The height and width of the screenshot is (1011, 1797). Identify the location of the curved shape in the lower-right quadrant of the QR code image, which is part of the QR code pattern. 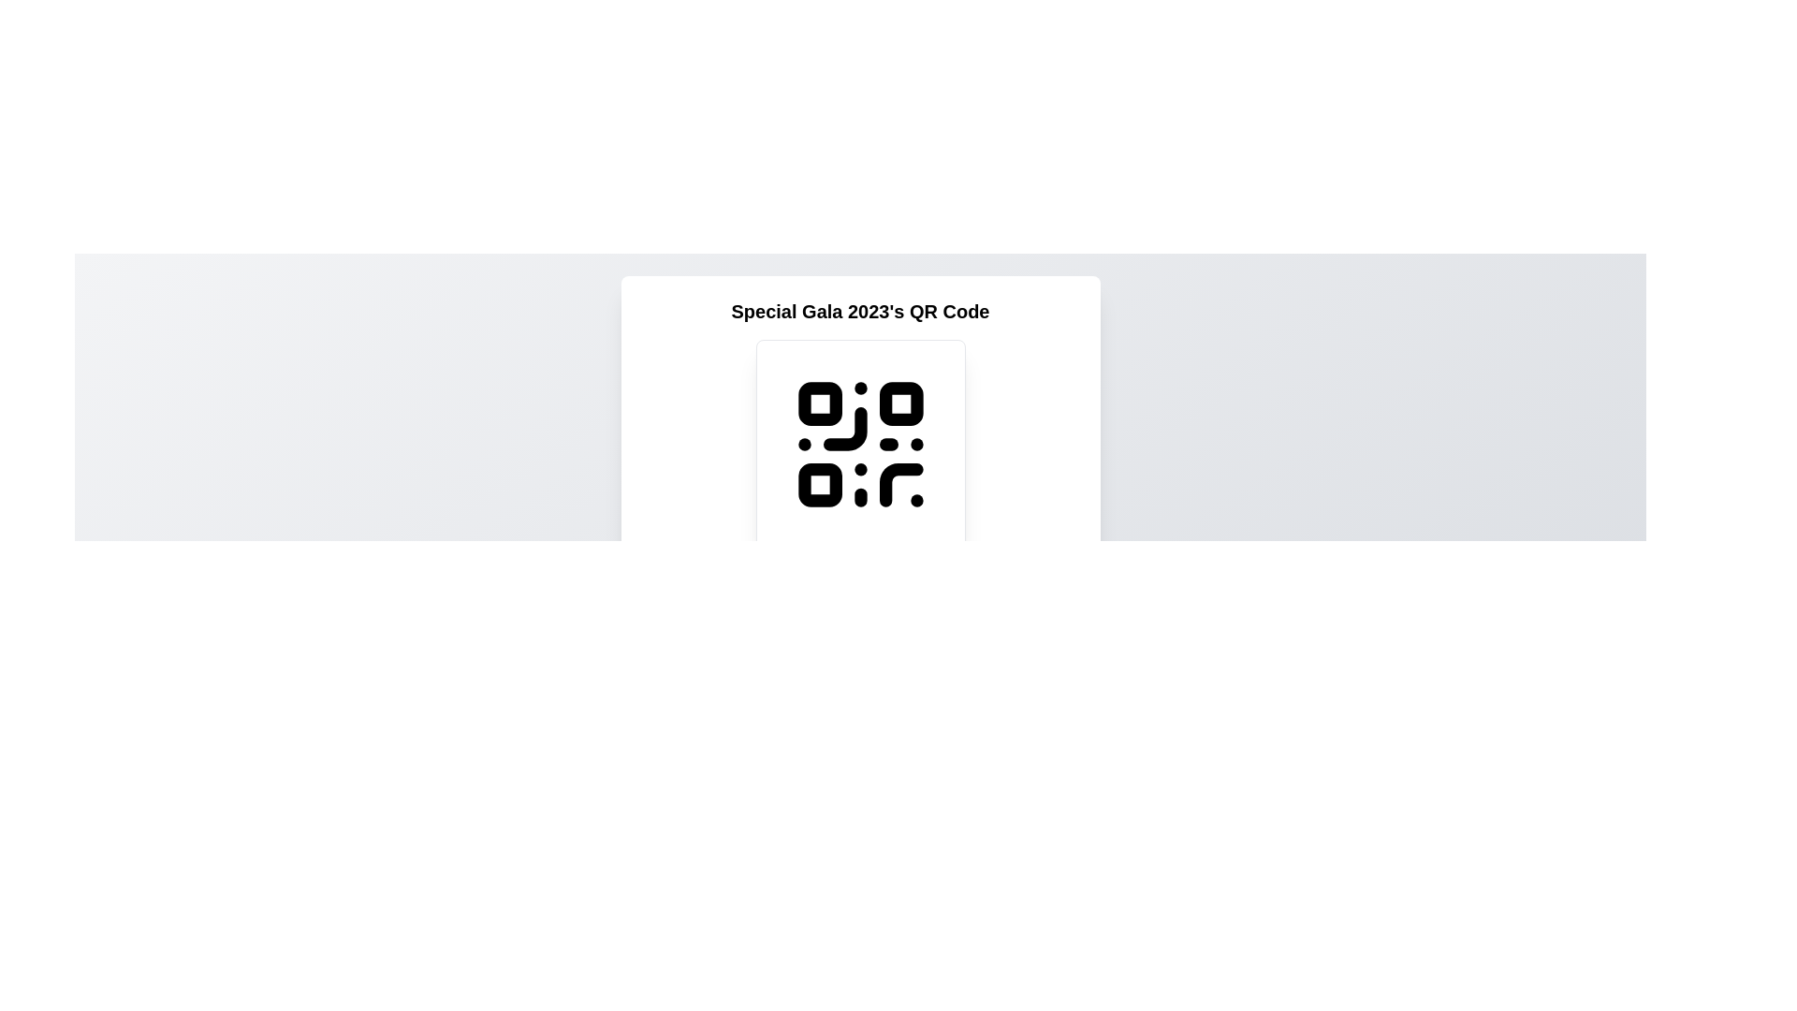
(900, 484).